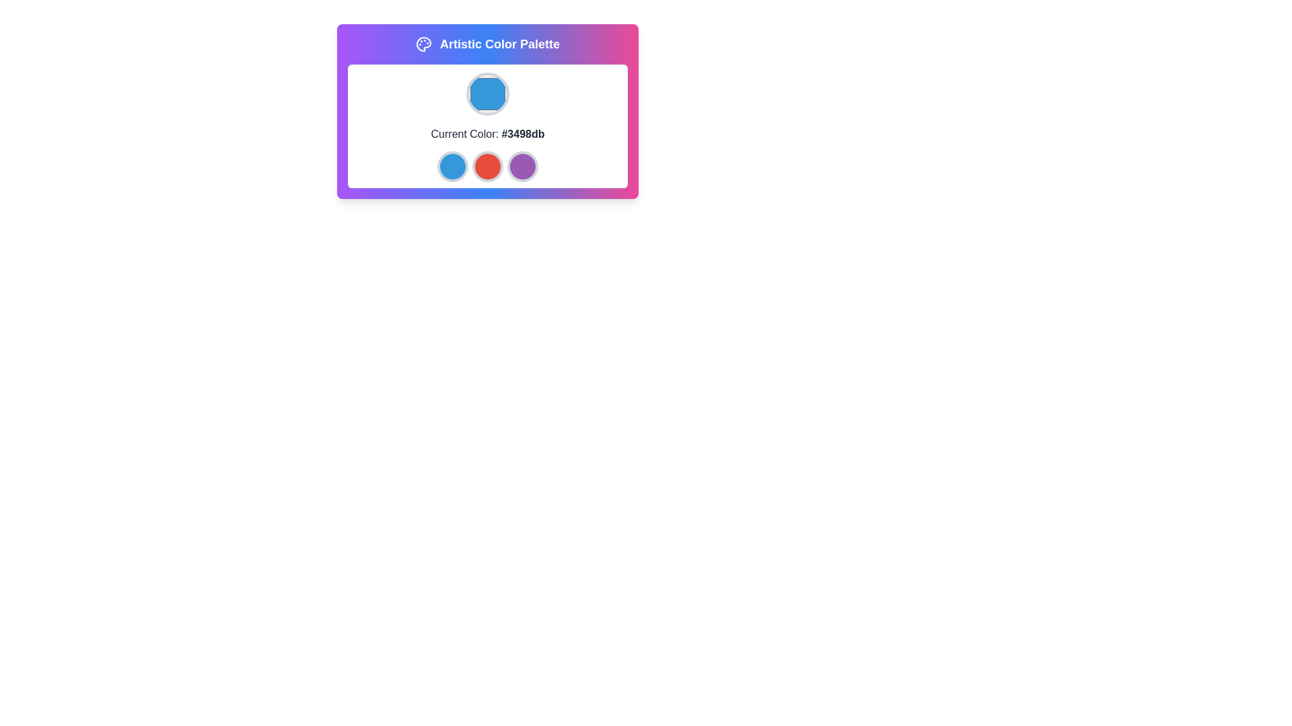  I want to click on the Static Text Label that displays the currently selected color or state, located centrally within a white, rounded rectangular section below a larger blue color circle, so click(487, 134).